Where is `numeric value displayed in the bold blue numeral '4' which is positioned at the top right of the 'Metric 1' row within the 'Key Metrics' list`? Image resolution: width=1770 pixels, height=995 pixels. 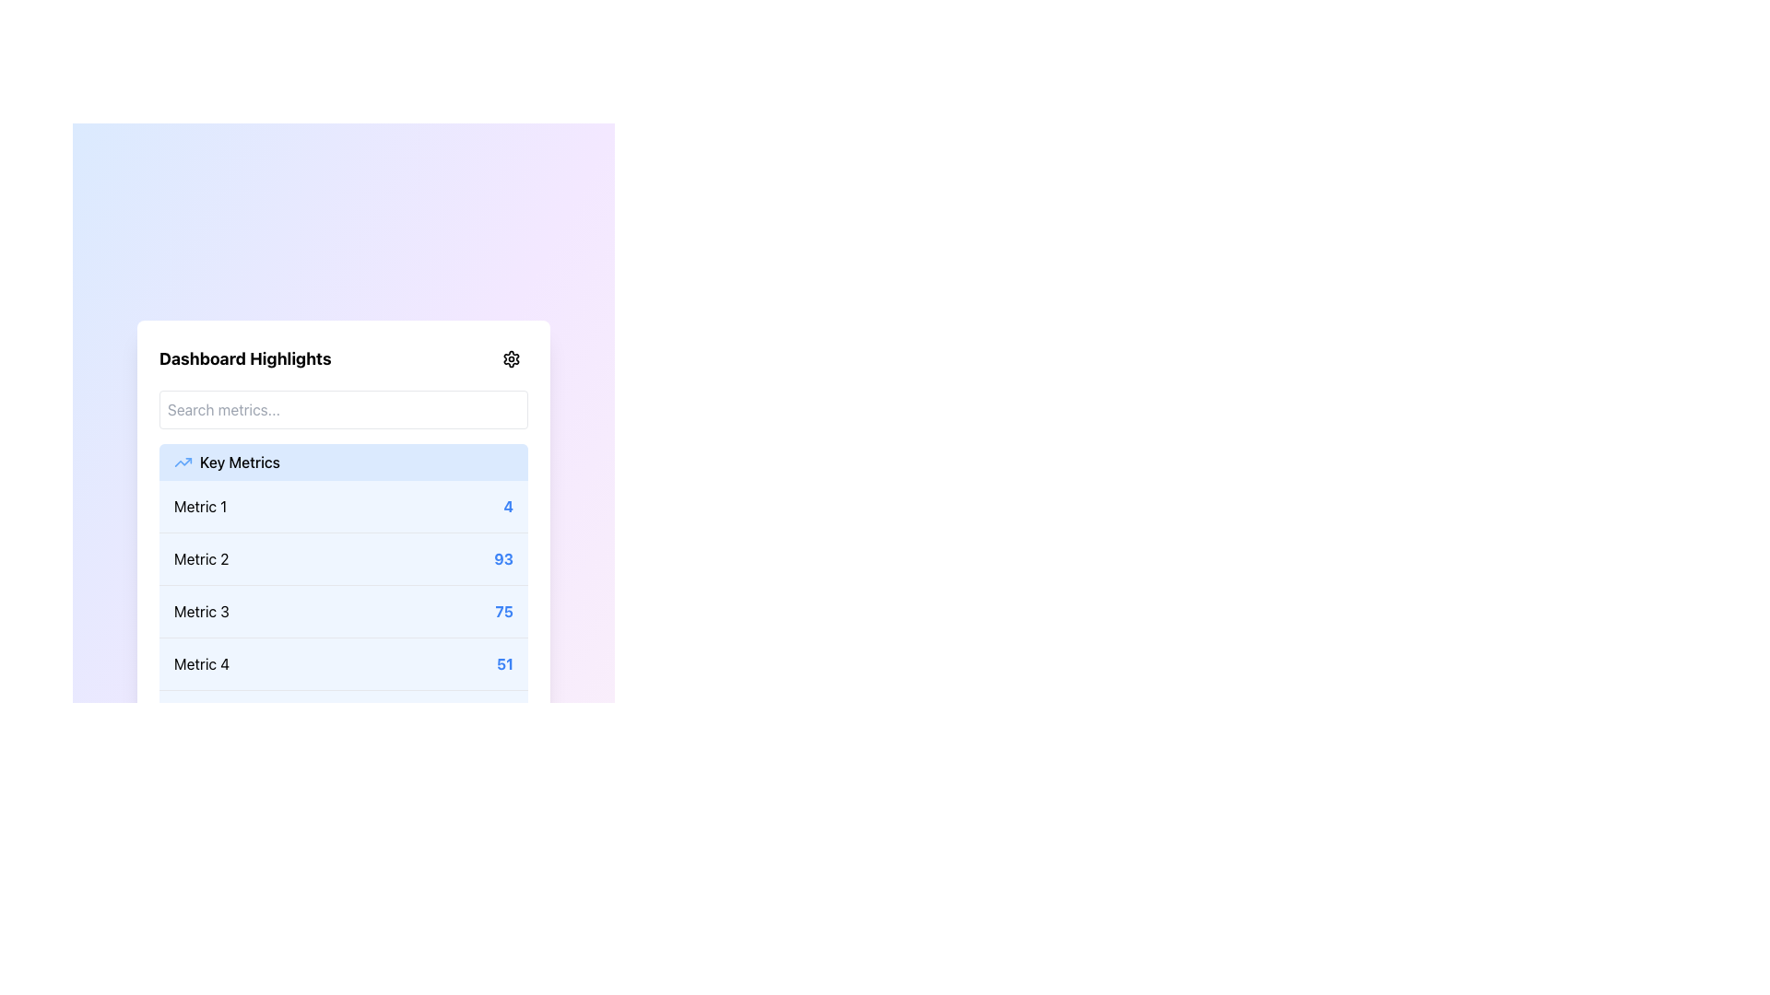
numeric value displayed in the bold blue numeral '4' which is positioned at the top right of the 'Metric 1' row within the 'Key Metrics' list is located at coordinates (508, 507).